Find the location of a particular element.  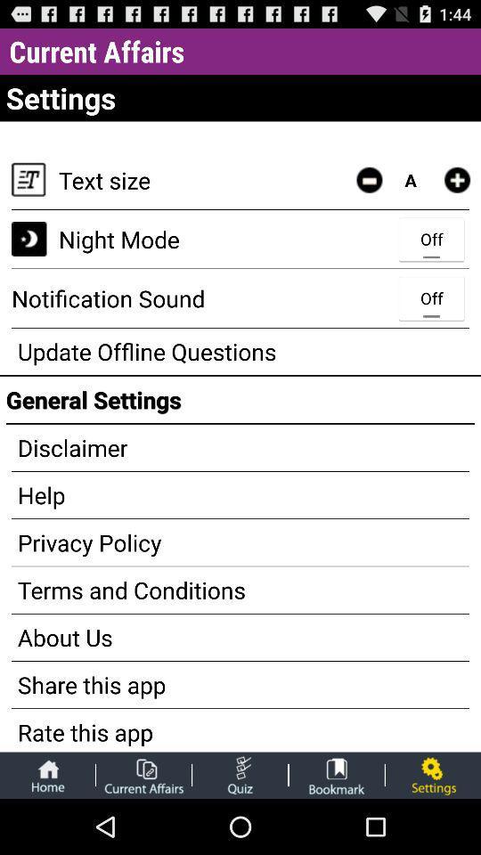

the update offline questions is located at coordinates (240, 350).